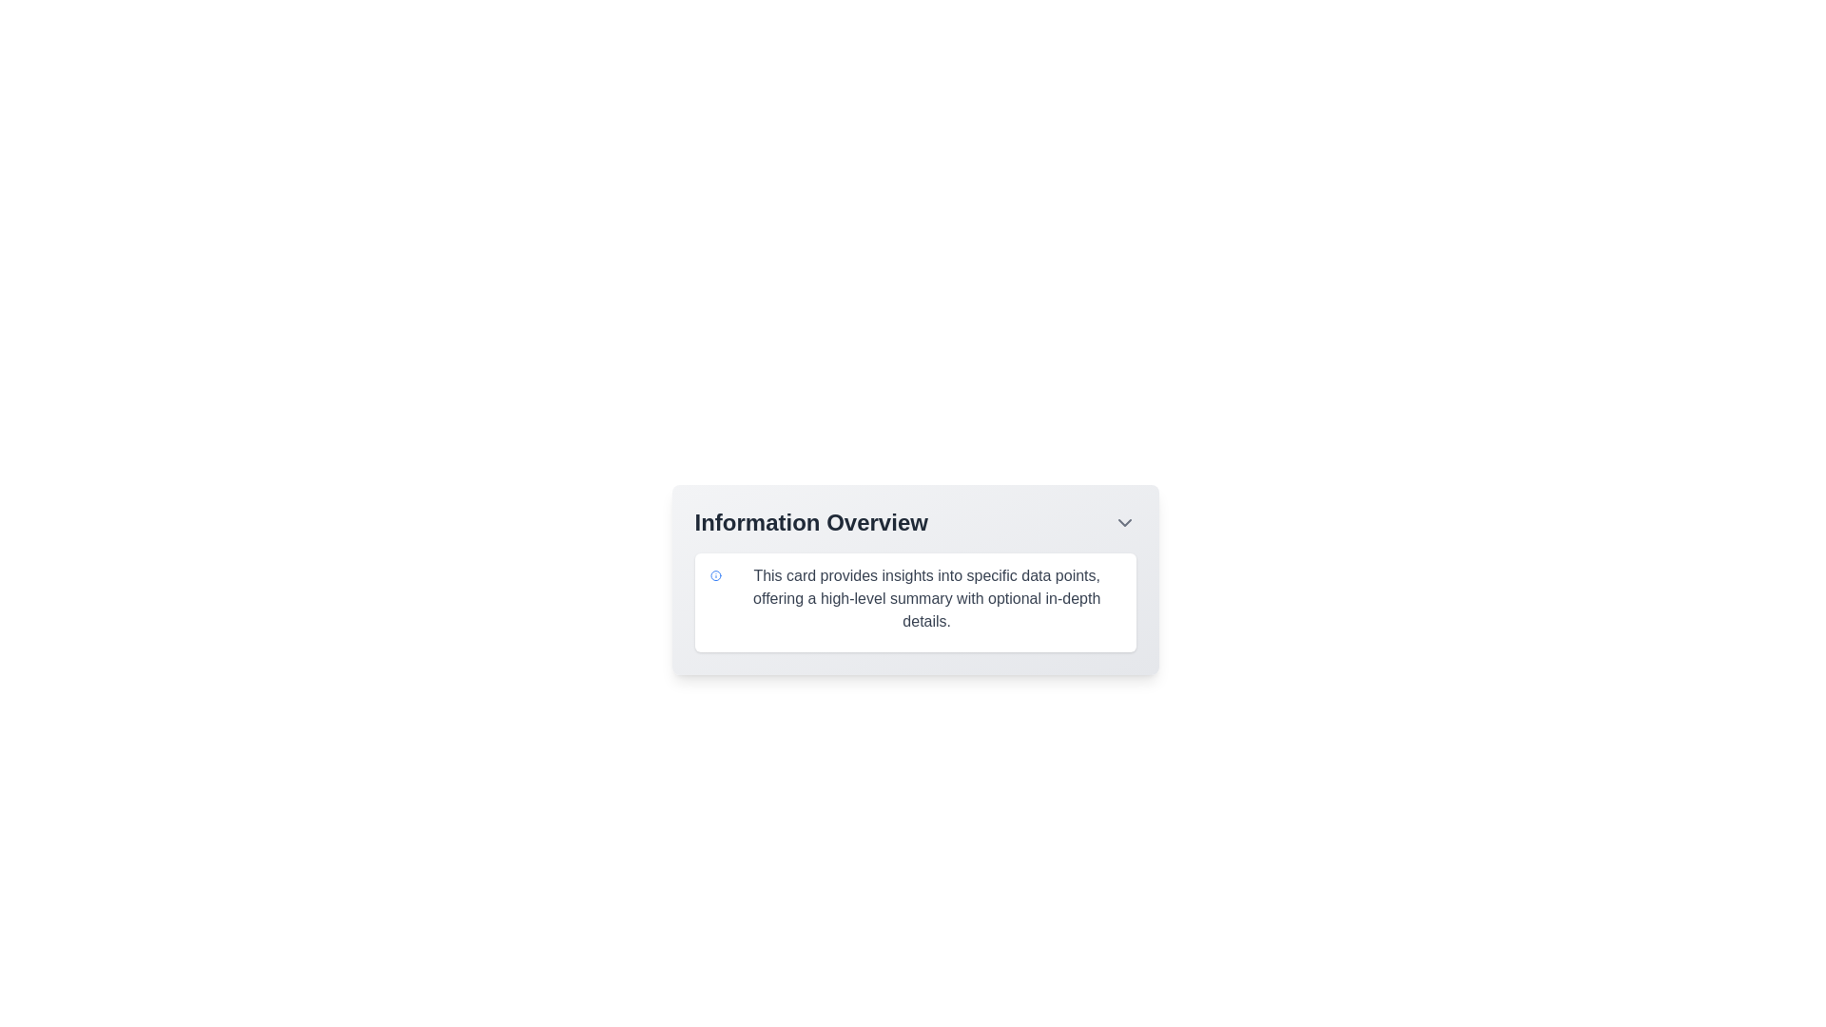  Describe the element at coordinates (926, 597) in the screenshot. I see `static text block displaying 'This card provides insights into specific data points, offering a high-level summary with optional in-depth details.' located beside the blue information icon` at that location.